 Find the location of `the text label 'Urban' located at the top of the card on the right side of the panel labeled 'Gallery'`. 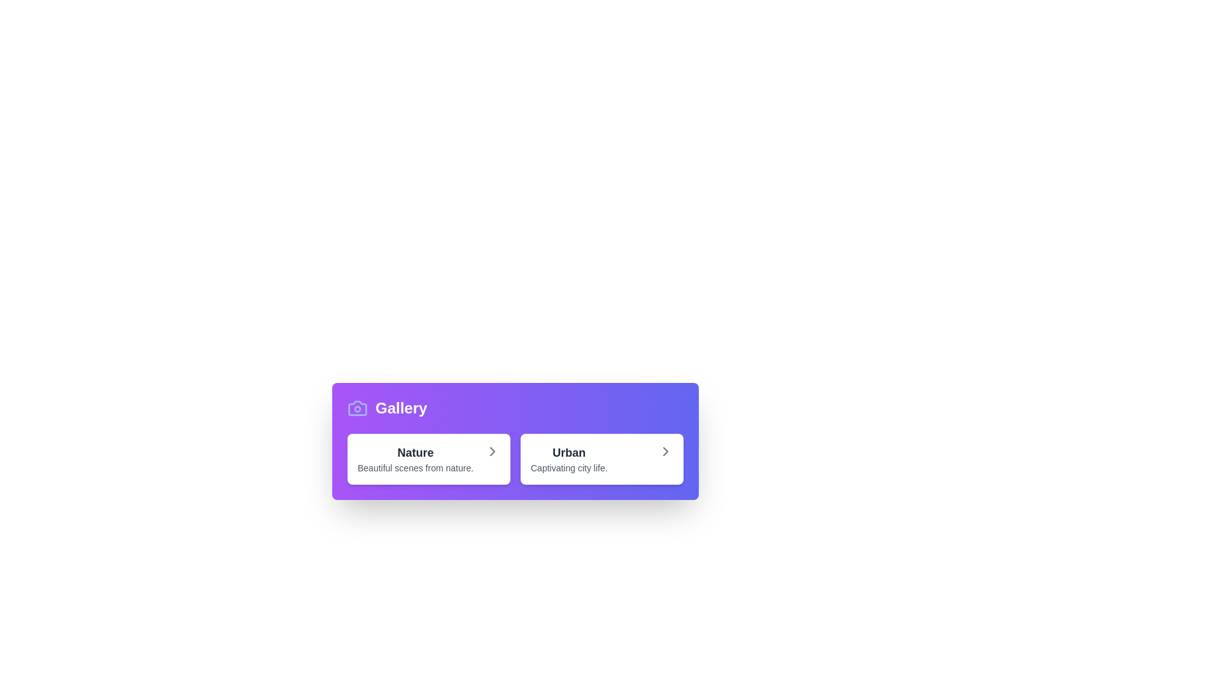

the text label 'Urban' located at the top of the card on the right side of the panel labeled 'Gallery' is located at coordinates (568, 452).